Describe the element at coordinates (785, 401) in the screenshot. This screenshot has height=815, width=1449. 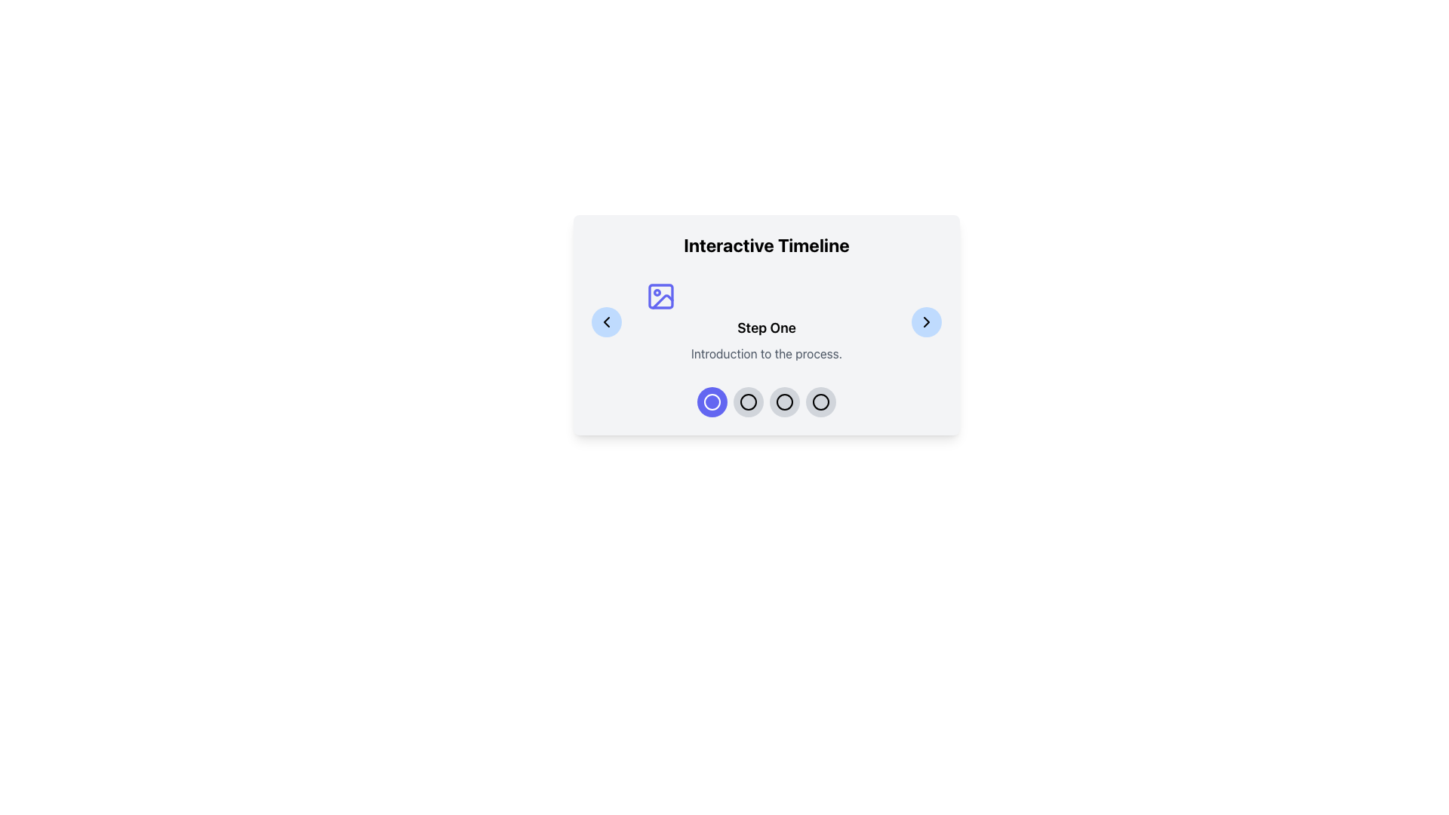
I see `the graphical representation of the third circular SVG element in the row of indicators below the text 'Step One'` at that location.